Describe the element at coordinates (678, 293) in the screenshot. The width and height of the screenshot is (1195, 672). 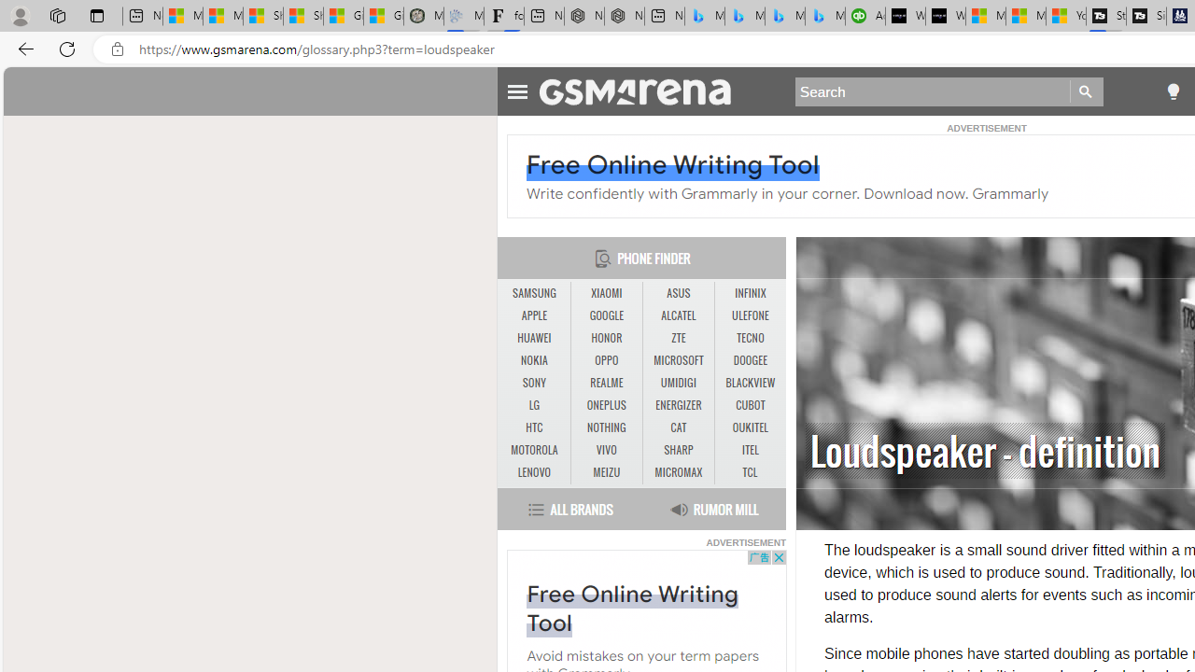
I see `'ASUS'` at that location.